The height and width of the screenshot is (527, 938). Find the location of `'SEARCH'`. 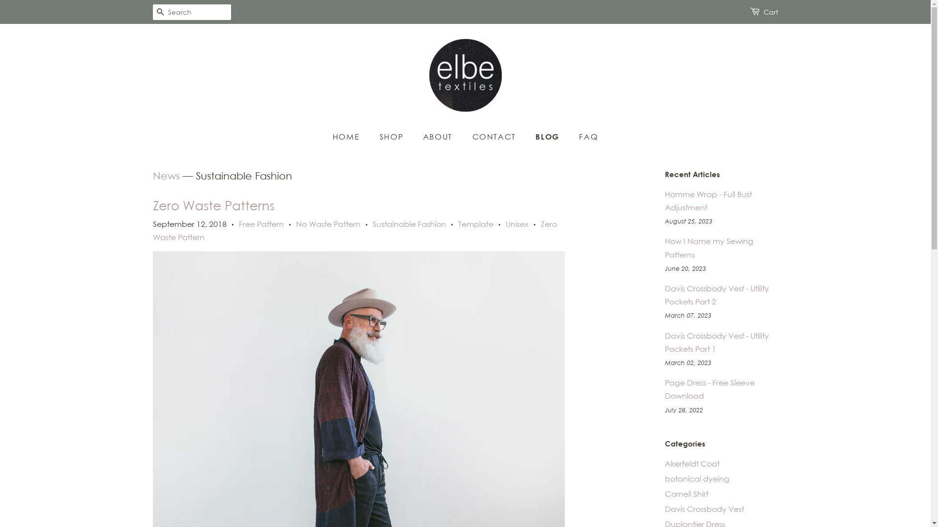

'SEARCH' is located at coordinates (160, 12).